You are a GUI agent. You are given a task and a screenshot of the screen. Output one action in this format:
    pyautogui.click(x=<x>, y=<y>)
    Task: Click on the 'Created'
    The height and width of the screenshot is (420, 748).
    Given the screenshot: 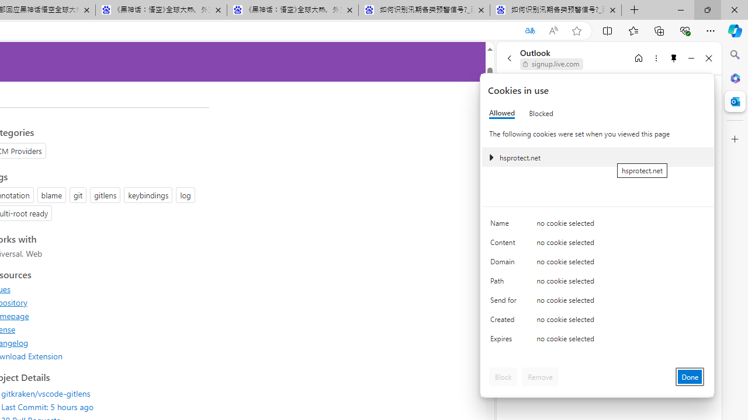 What is the action you would take?
    pyautogui.click(x=505, y=322)
    